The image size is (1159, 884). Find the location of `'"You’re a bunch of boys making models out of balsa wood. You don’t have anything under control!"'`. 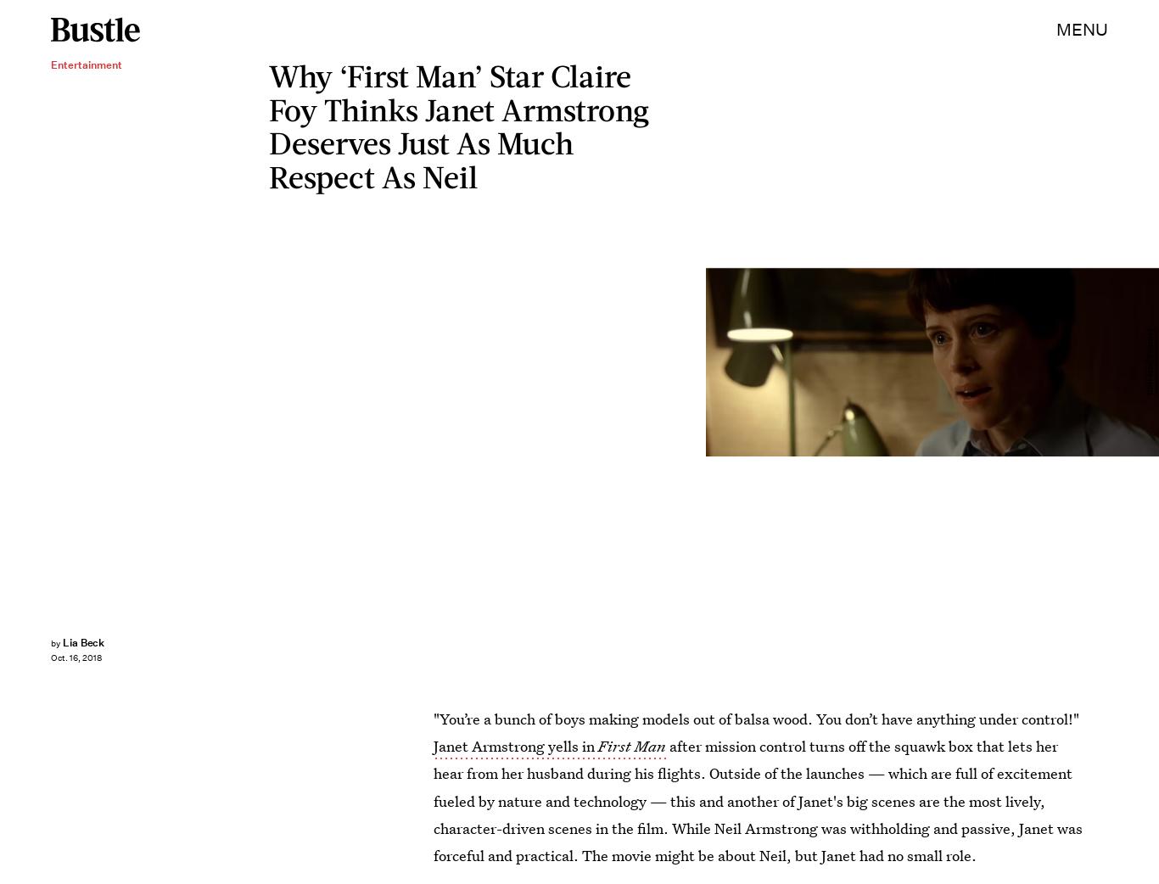

'"You’re a bunch of boys making models out of balsa wood. You don’t have anything under control!"' is located at coordinates (755, 719).